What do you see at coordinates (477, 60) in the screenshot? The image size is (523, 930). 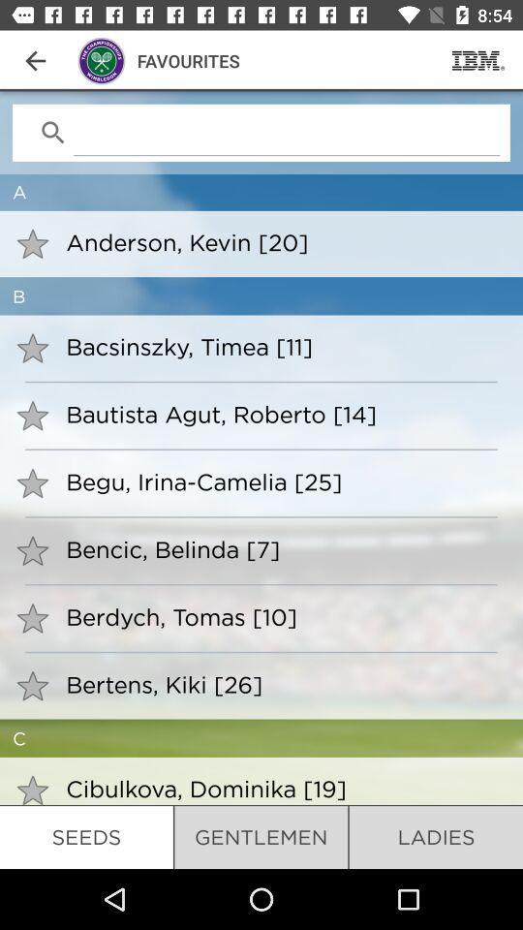 I see `the date_range icon` at bounding box center [477, 60].